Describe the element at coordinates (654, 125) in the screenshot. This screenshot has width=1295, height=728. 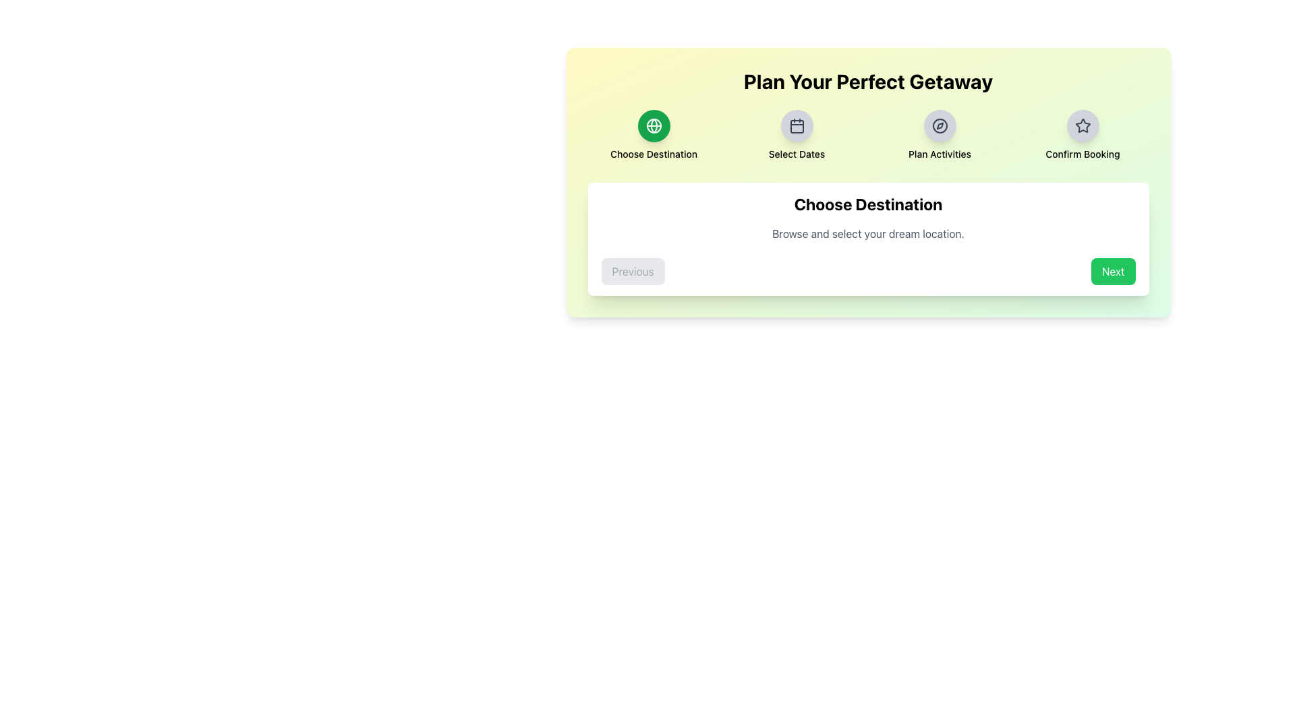
I see `the green filled SVG Circle that is part of the 'Choose Destination' section, located above the text 'Choose Destination.'` at that location.